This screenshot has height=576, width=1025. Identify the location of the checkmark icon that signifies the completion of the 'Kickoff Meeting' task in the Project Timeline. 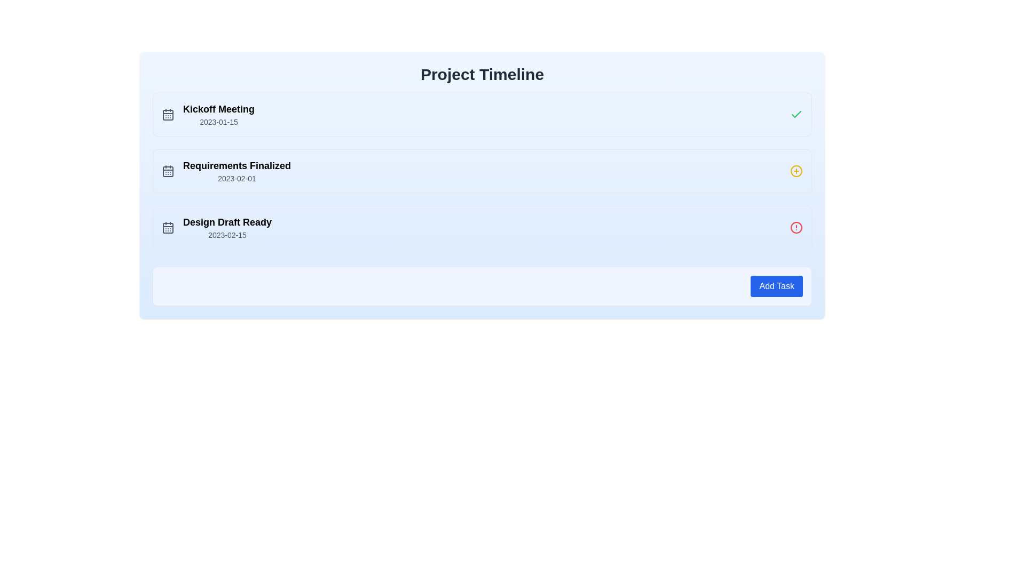
(797, 114).